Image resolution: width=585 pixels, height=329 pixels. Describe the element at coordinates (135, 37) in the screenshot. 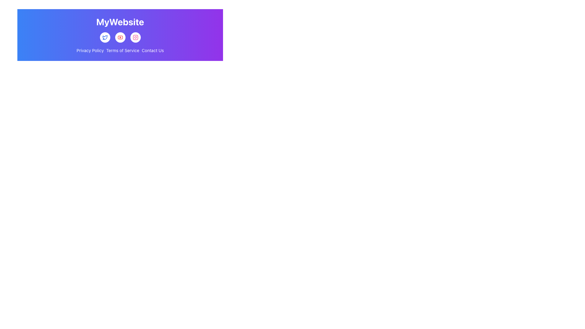

I see `the pinkish-red Instagram SVG icon located in the header section` at that location.